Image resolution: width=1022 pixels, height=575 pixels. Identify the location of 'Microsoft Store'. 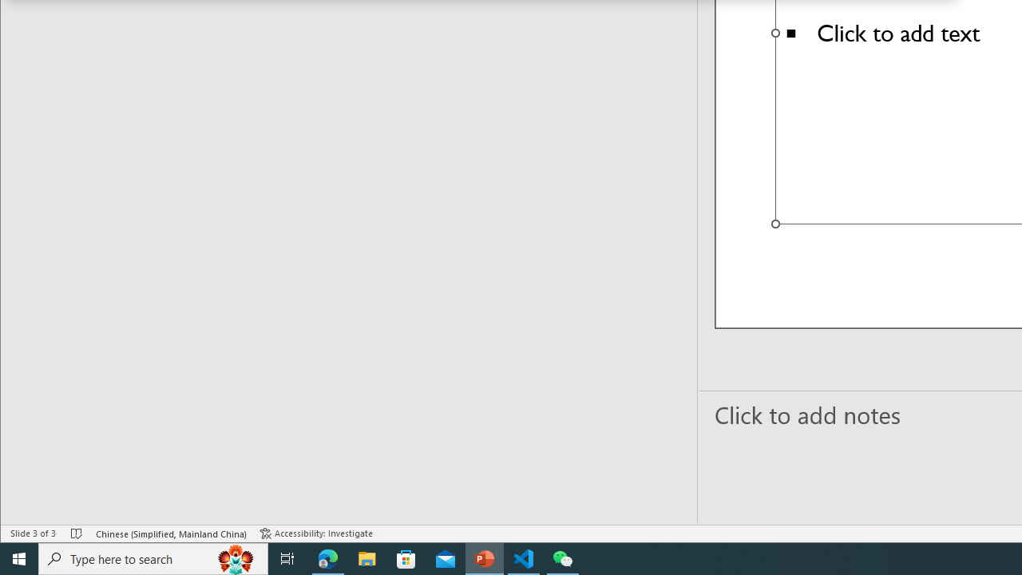
(406, 557).